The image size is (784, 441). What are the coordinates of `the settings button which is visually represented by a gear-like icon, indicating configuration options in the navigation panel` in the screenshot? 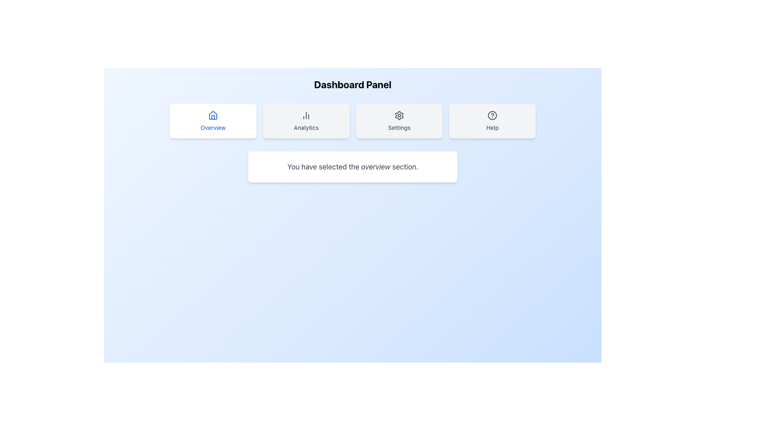 It's located at (399, 115).